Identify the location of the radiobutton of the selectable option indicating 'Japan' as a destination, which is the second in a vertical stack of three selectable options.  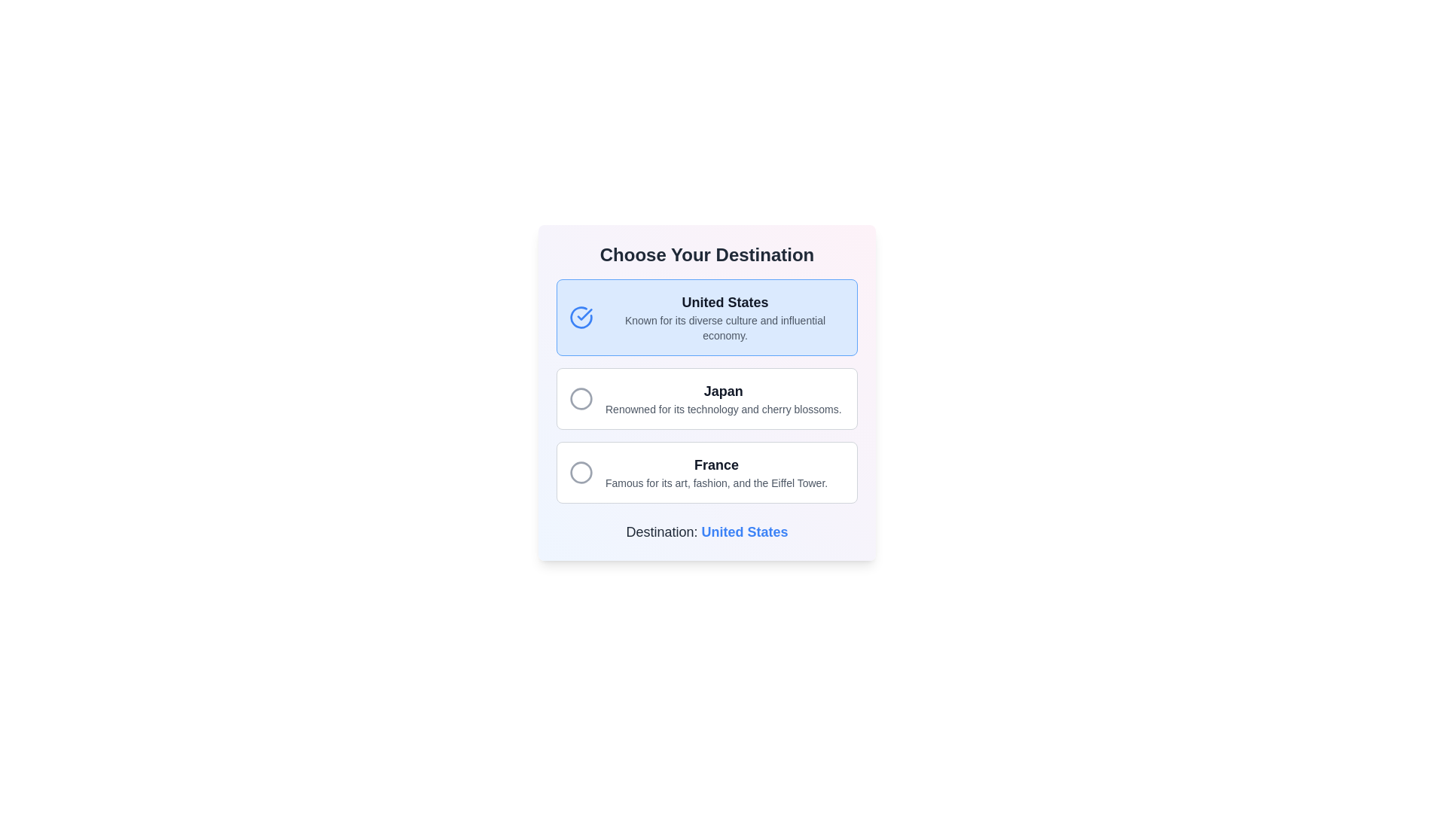
(706, 397).